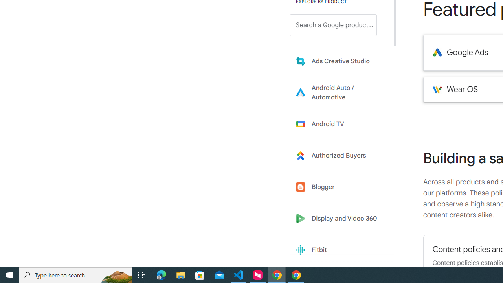 The width and height of the screenshot is (503, 283). What do you see at coordinates (339, 61) in the screenshot?
I see `'Learn more about Ads Creative Studio'` at bounding box center [339, 61].